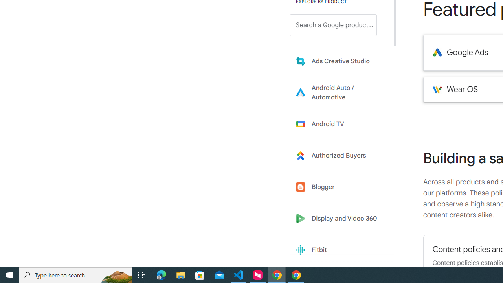 The width and height of the screenshot is (503, 283). What do you see at coordinates (339, 61) in the screenshot?
I see `'Learn more about Ads Creative Studio'` at bounding box center [339, 61].